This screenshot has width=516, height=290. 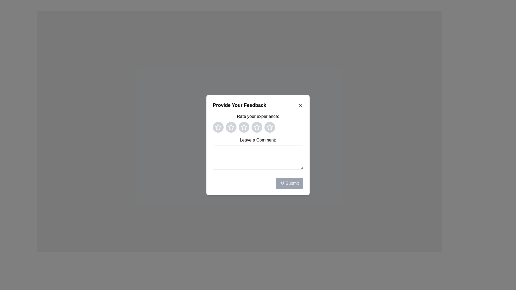 I want to click on the first star icon of the five-star rating system located at the top of the feedback form, so click(x=218, y=127).